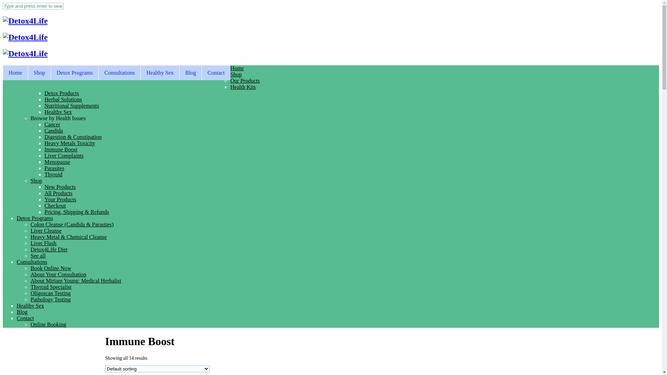  What do you see at coordinates (243, 86) in the screenshot?
I see `'Health Kits'` at bounding box center [243, 86].